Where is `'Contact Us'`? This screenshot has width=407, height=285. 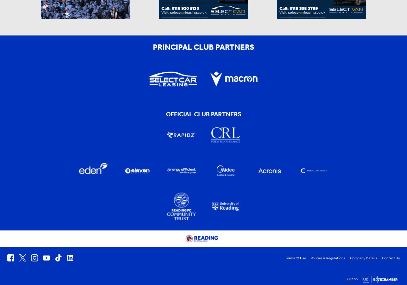 'Contact Us' is located at coordinates (391, 258).